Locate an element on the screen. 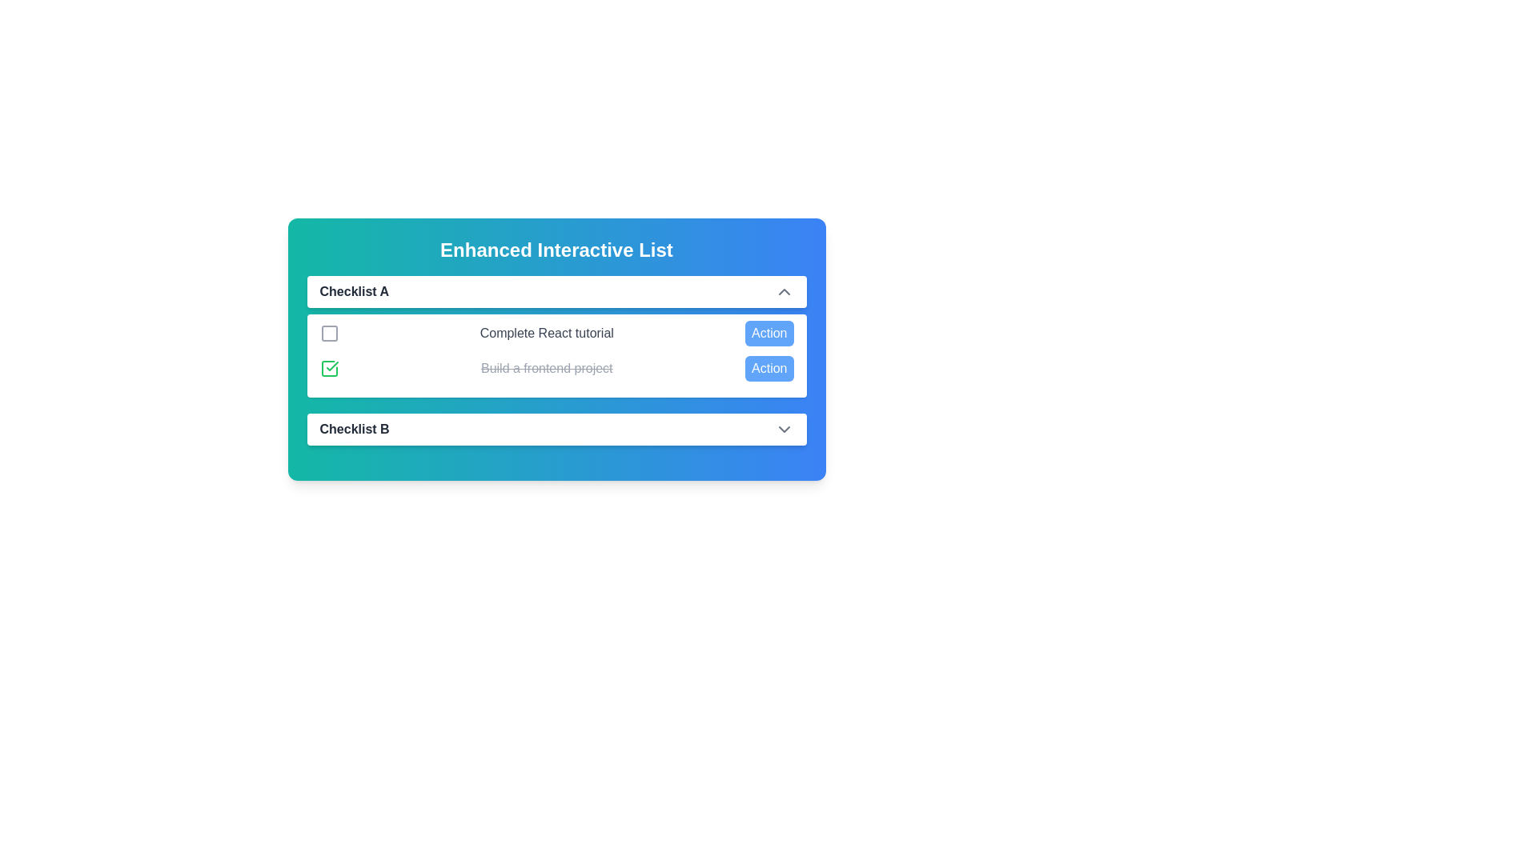 This screenshot has width=1537, height=864. the text label representing a completed task in the checklist interface to associate it with the task status is located at coordinates (556, 369).